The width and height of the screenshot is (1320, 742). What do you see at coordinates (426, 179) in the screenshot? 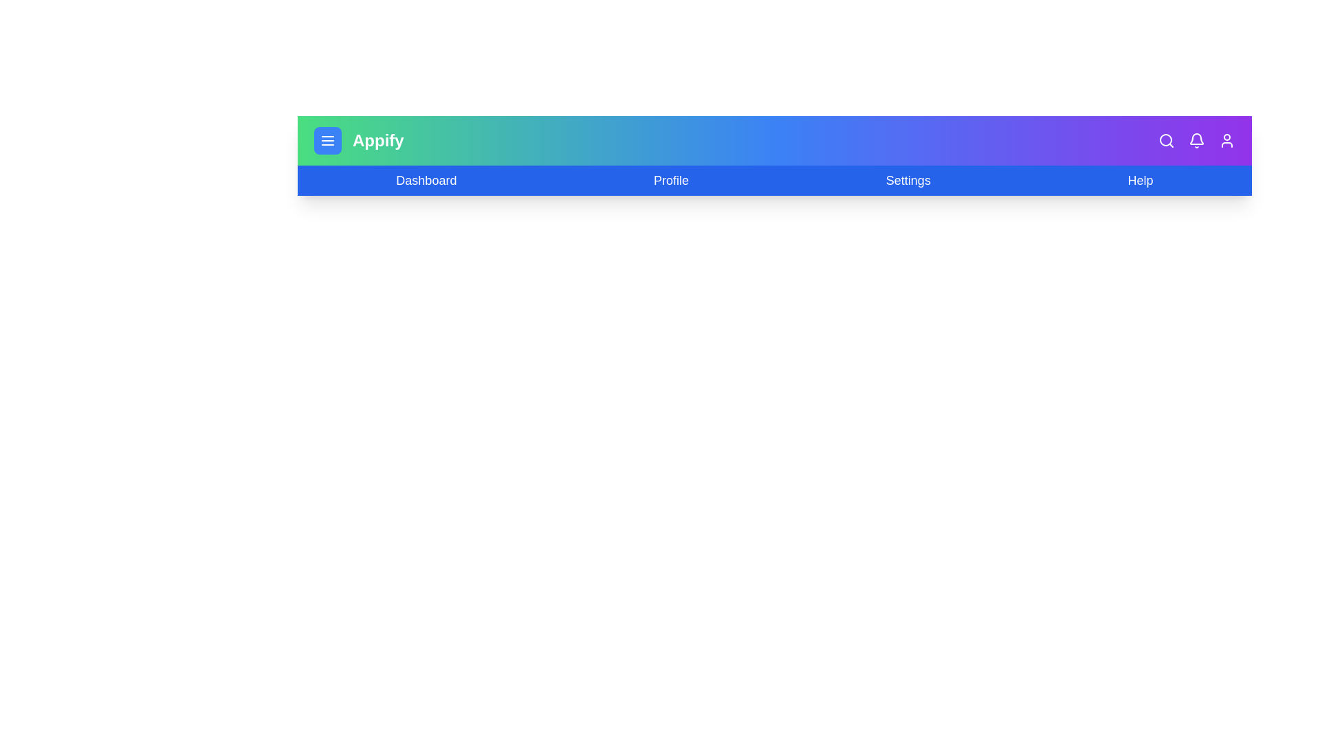
I see `the 'Dashboard' menu item` at bounding box center [426, 179].